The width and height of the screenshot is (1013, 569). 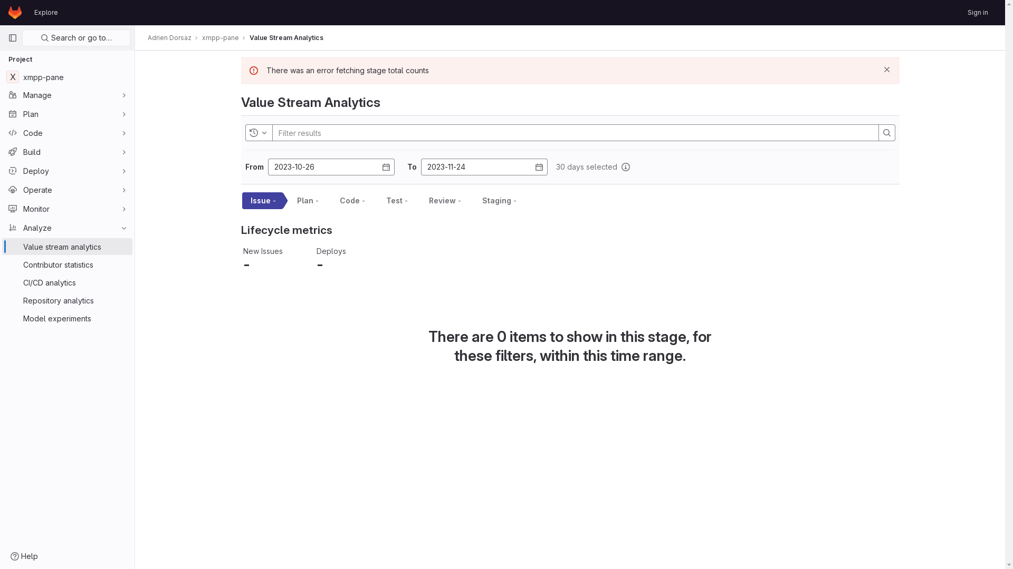 I want to click on 'Code, so click(x=351, y=201).